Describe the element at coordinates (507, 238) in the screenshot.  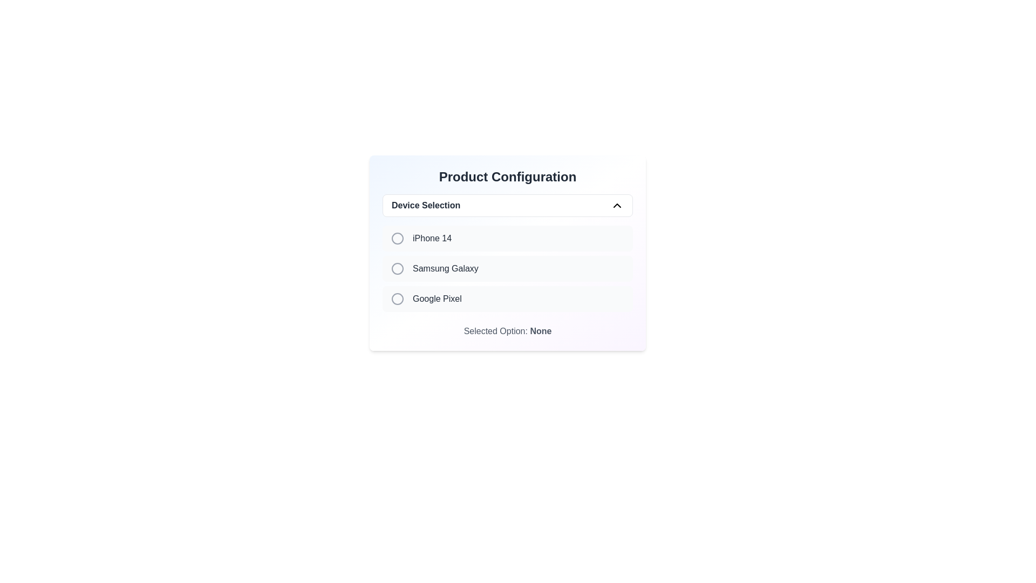
I see `the 'iPhone 14' radio button` at that location.